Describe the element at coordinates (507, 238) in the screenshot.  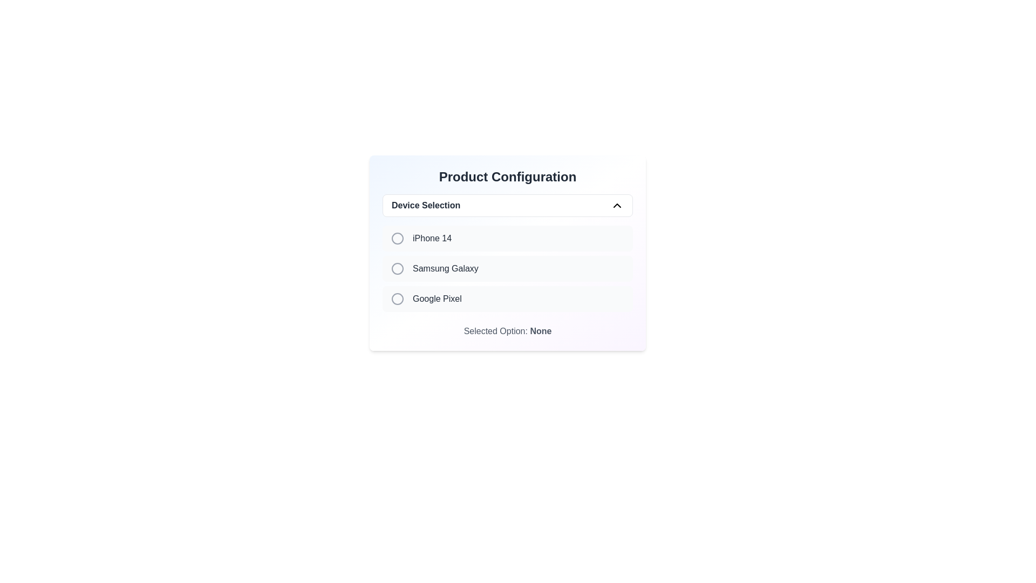
I see `the 'iPhone 14' radio button` at that location.